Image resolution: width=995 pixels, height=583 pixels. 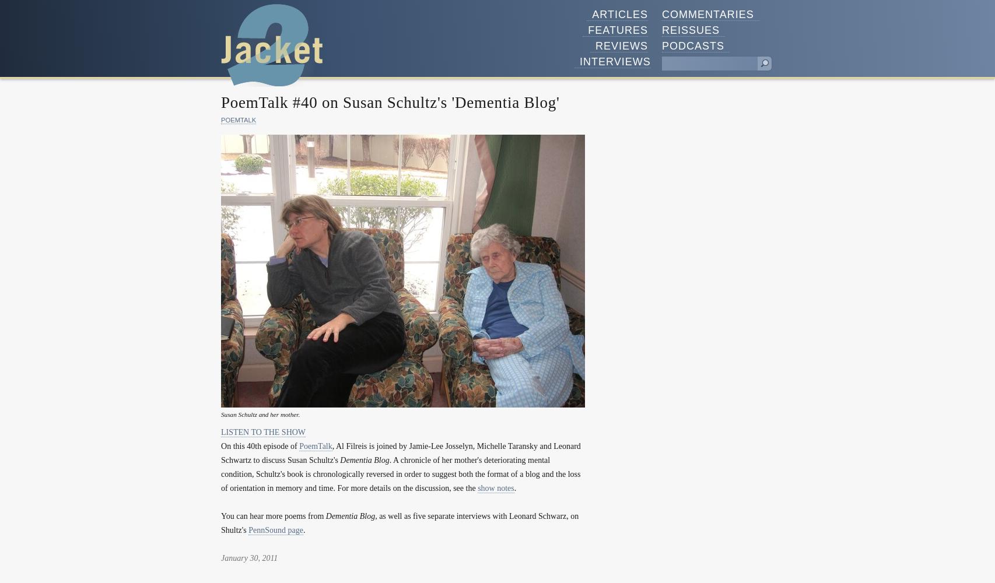 I want to click on 'You can hear more poems from', so click(x=272, y=515).